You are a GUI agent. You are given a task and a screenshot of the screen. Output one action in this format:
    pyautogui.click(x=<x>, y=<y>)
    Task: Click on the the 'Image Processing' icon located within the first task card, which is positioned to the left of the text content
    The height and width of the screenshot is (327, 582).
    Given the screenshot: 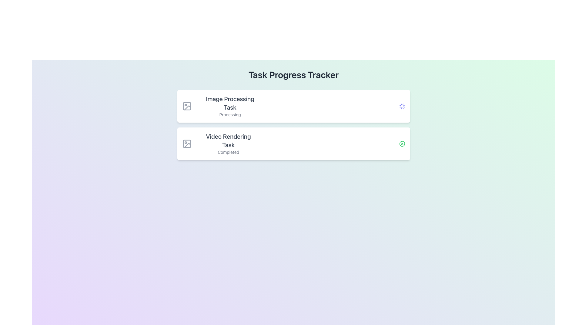 What is the action you would take?
    pyautogui.click(x=186, y=106)
    